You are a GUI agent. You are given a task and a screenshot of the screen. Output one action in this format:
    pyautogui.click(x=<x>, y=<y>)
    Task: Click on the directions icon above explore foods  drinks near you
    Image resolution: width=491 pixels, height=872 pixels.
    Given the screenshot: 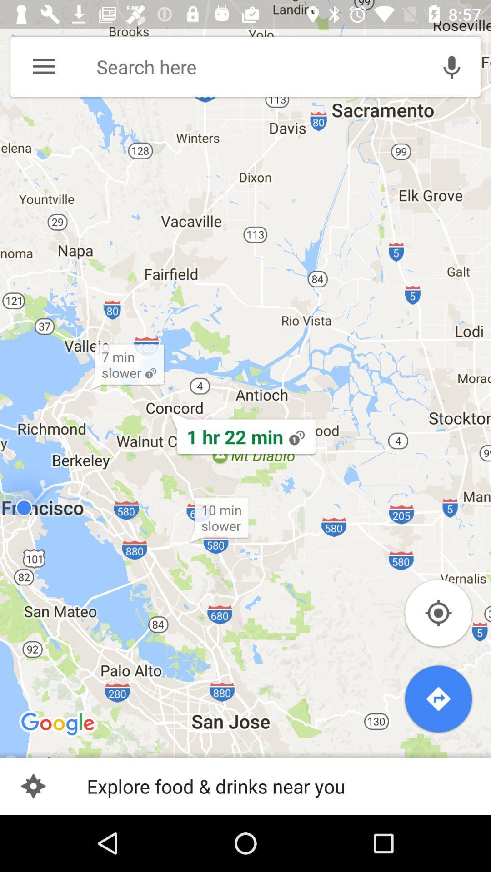 What is the action you would take?
    pyautogui.click(x=438, y=699)
    